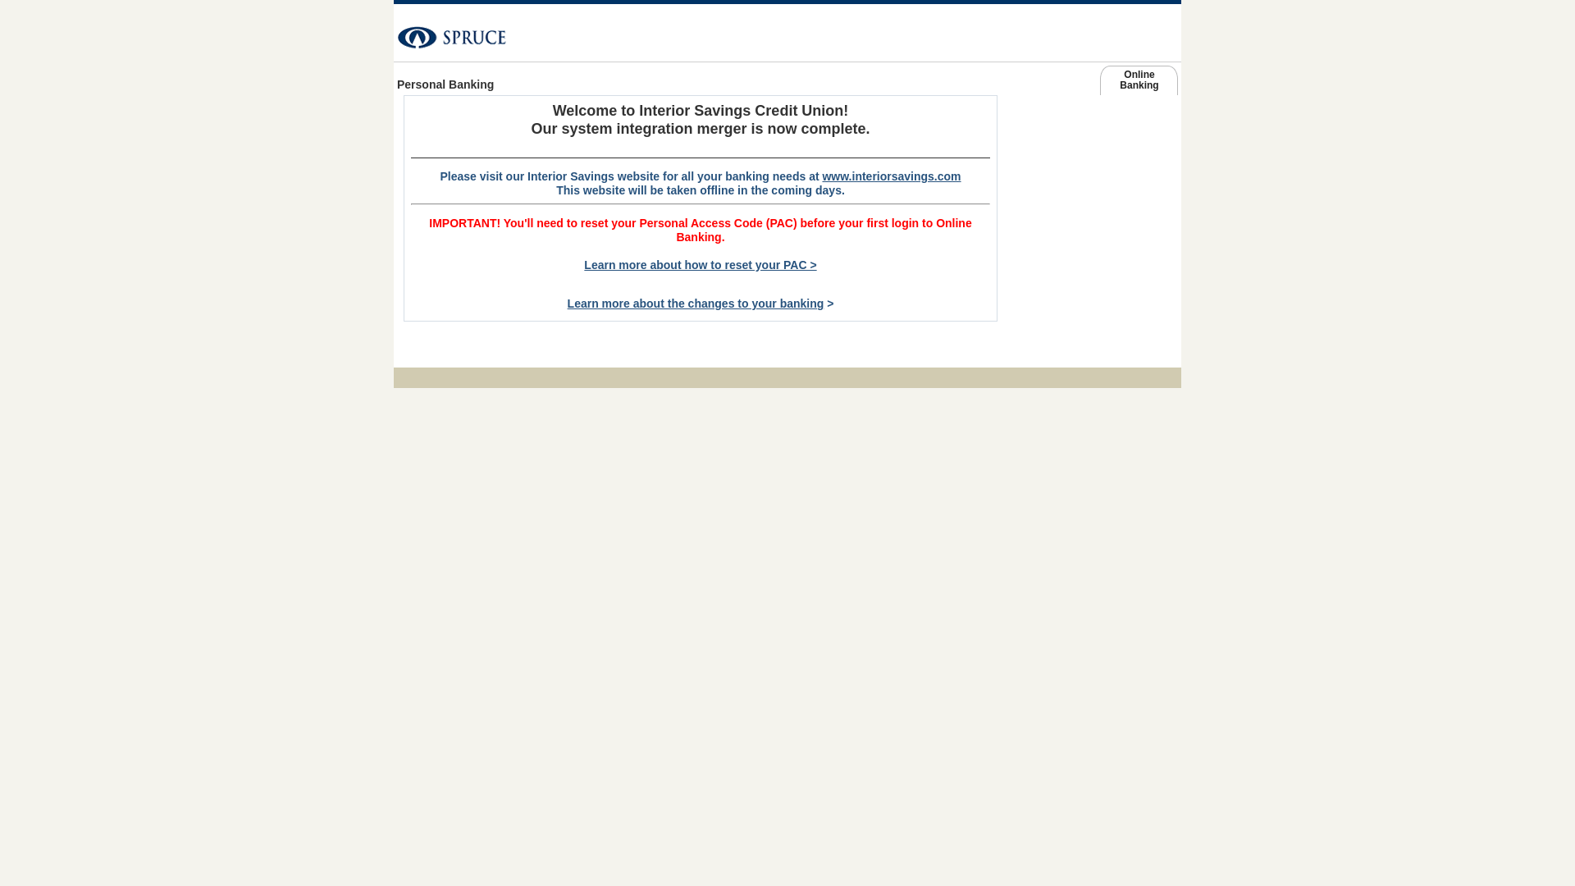  I want to click on 'www.interiorsavings.com', so click(890, 176).